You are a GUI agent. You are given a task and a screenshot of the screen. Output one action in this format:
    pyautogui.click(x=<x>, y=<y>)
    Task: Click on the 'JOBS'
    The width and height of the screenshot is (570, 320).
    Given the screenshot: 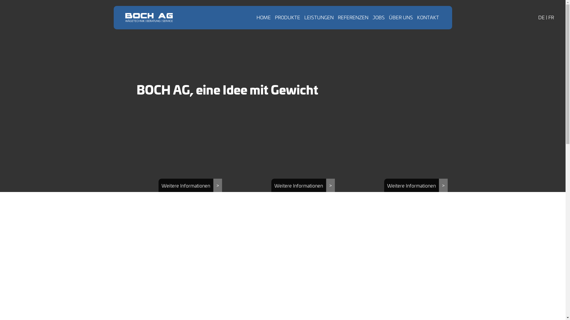 What is the action you would take?
    pyautogui.click(x=378, y=17)
    